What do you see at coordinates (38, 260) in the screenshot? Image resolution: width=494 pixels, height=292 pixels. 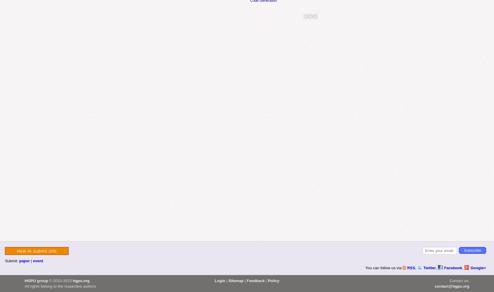 I see `'event'` at bounding box center [38, 260].